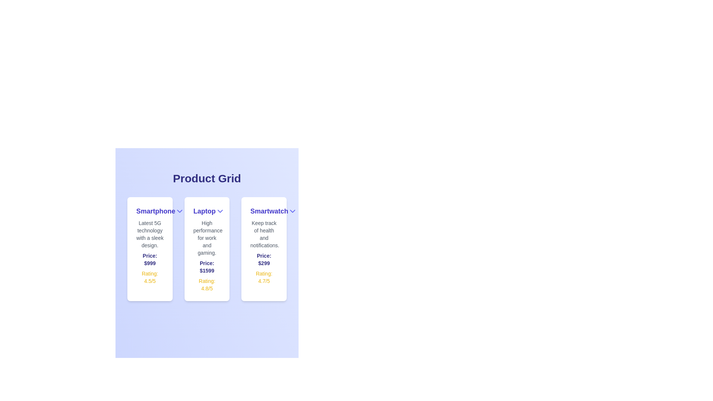  I want to click on the price label of the product card titled 'Smartwatch', which is located below the product description and above the rating text in the rightmost column of the product grid, so click(264, 259).